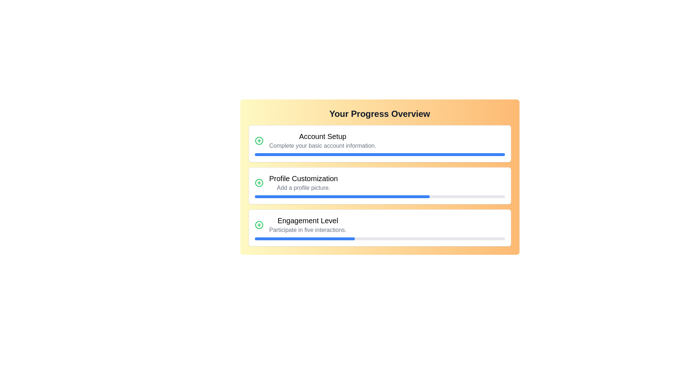 Image resolution: width=698 pixels, height=392 pixels. Describe the element at coordinates (259, 141) in the screenshot. I see `the icon located to the left of the 'Account Setup' text in the 'Your Progress Overview' interface to initiate an action` at that location.